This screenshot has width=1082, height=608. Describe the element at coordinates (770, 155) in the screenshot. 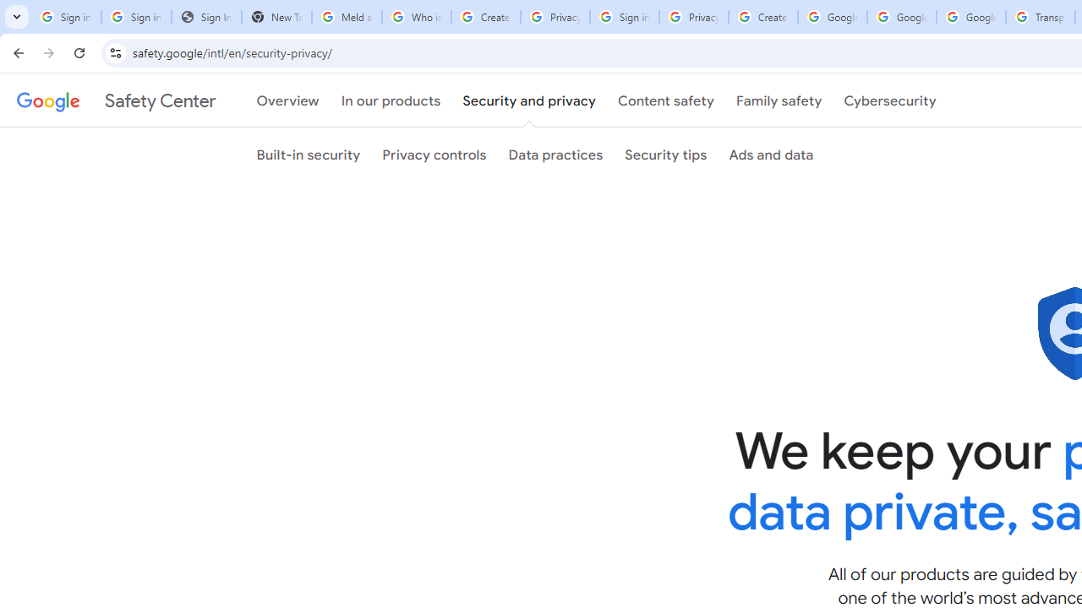

I see `'Ads and data'` at that location.